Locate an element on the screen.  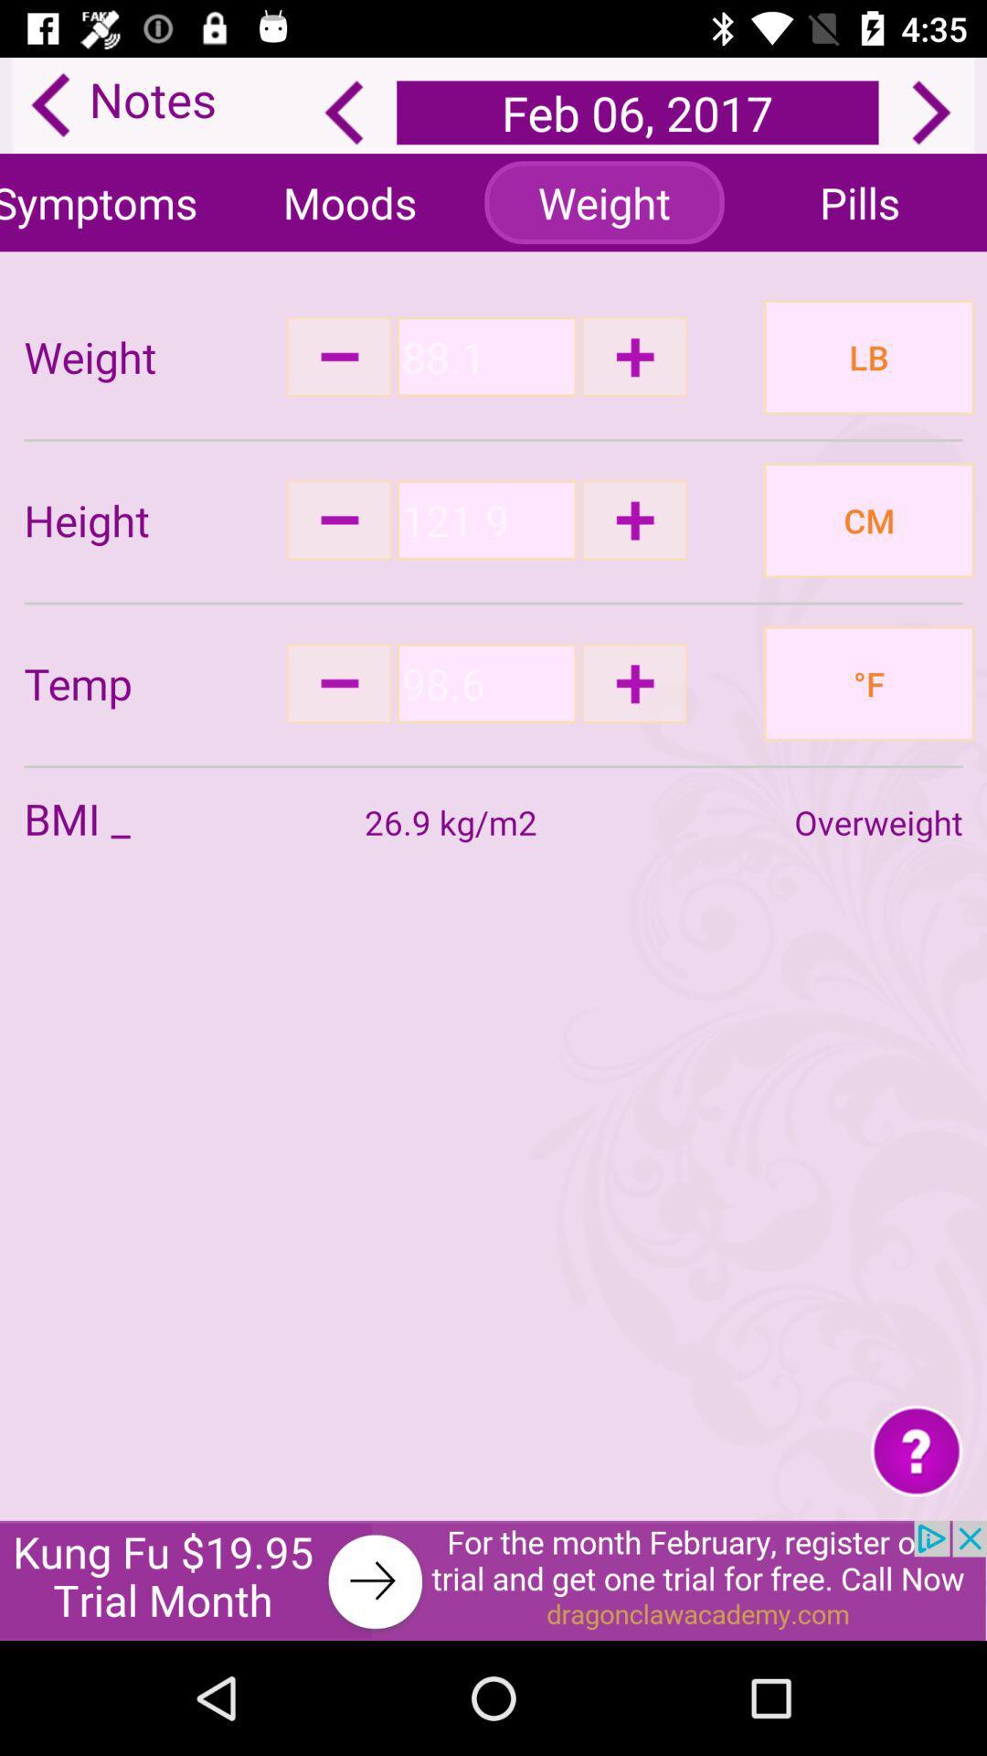
the arrow_forward icon is located at coordinates (931, 112).